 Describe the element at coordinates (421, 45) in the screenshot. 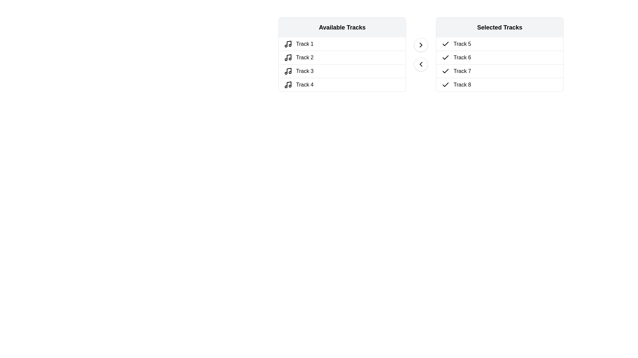

I see `the chevron icon within the circular button to transfer tracks from the 'Available Tracks' list to the 'Selected Tracks' list` at that location.